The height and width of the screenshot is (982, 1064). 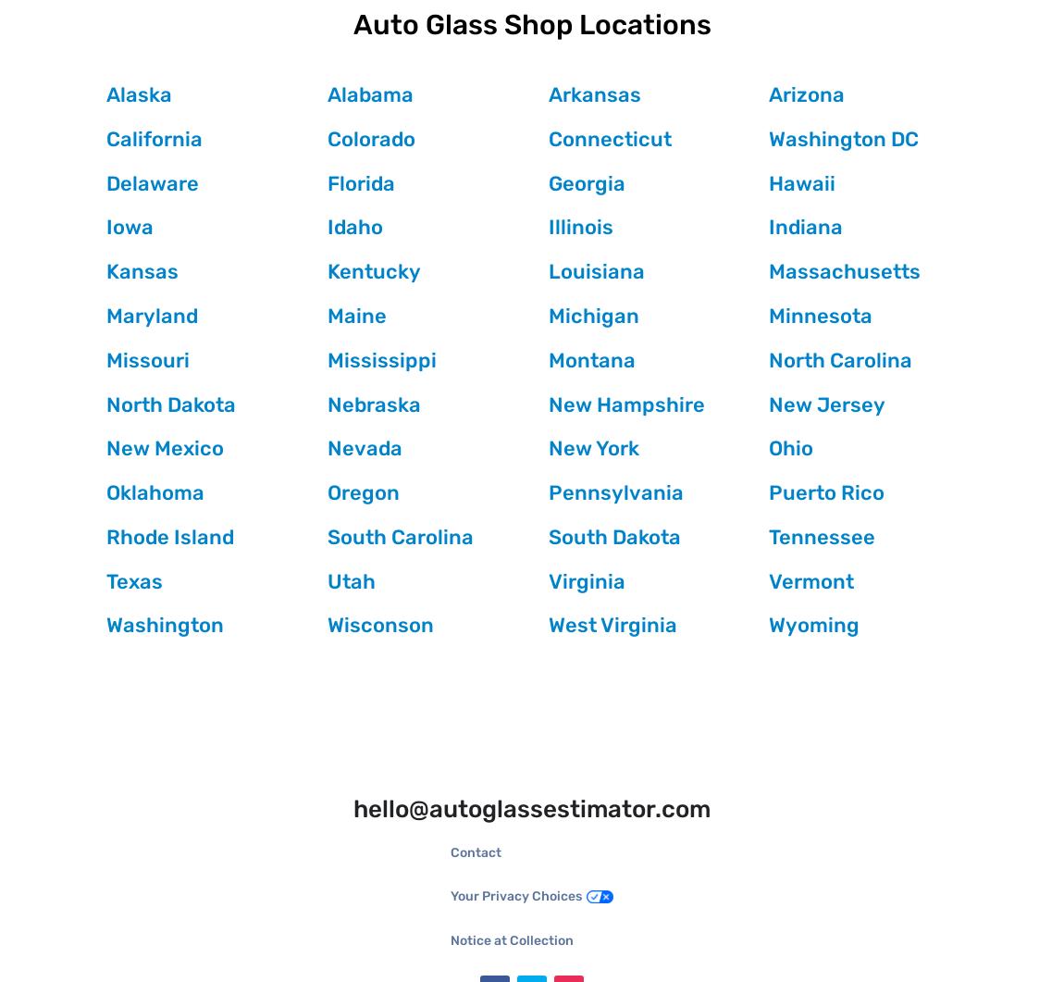 What do you see at coordinates (105, 404) in the screenshot?
I see `'North Dakota'` at bounding box center [105, 404].